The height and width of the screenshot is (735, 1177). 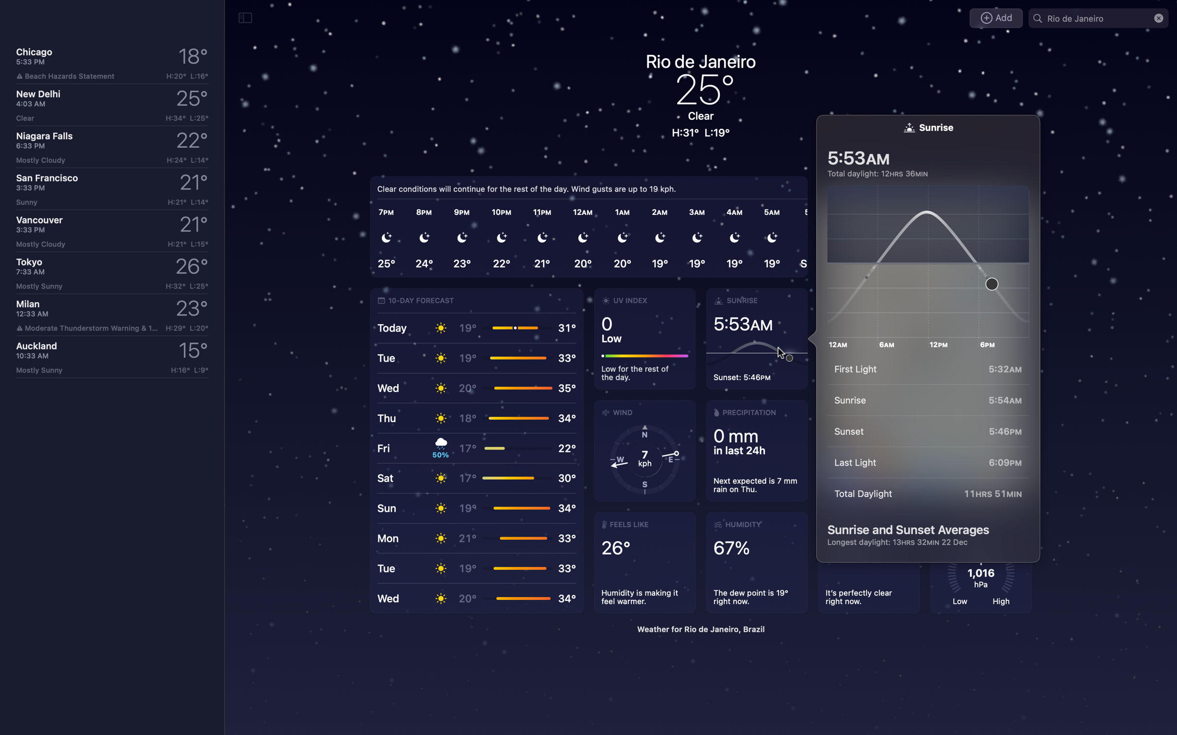 I want to click on Check sun position at 12pm in the popup, so click(x=932, y=262).